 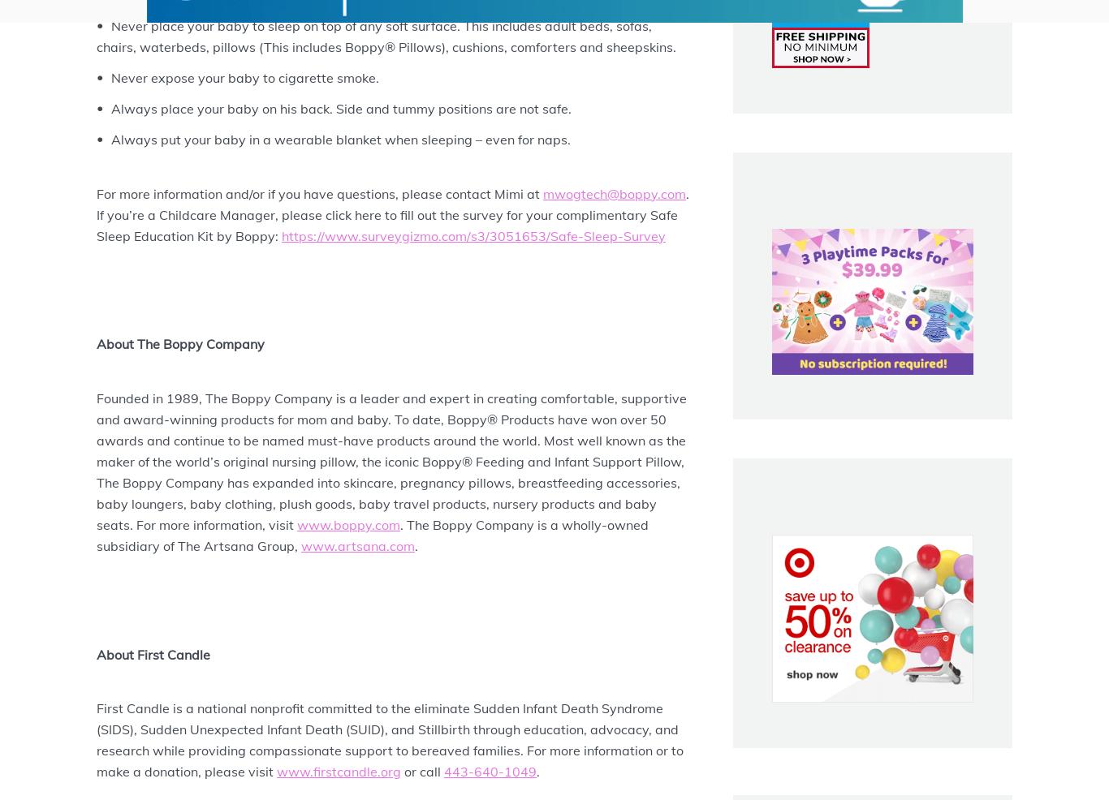 I want to click on '.  If you’re a Childcare Manager, please click here to fill out the survey for your complimentary Safe Sleep Education Kit by Boppy:', so click(x=395, y=213).